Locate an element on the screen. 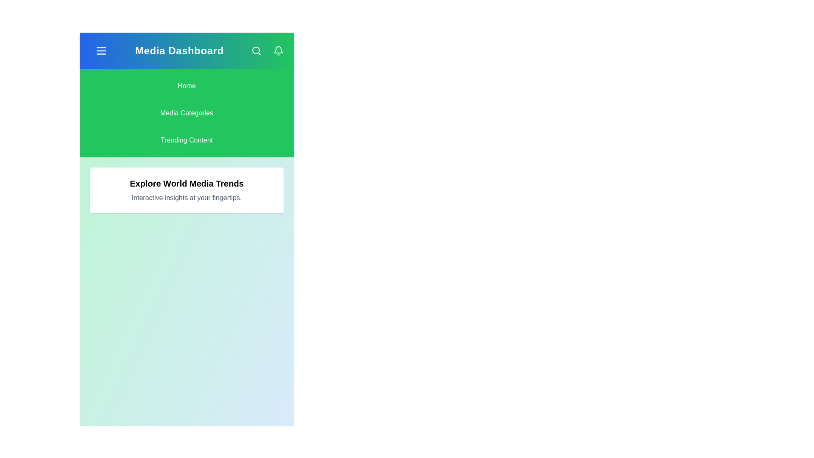  the navigation menu item Media Categories is located at coordinates (186, 112).